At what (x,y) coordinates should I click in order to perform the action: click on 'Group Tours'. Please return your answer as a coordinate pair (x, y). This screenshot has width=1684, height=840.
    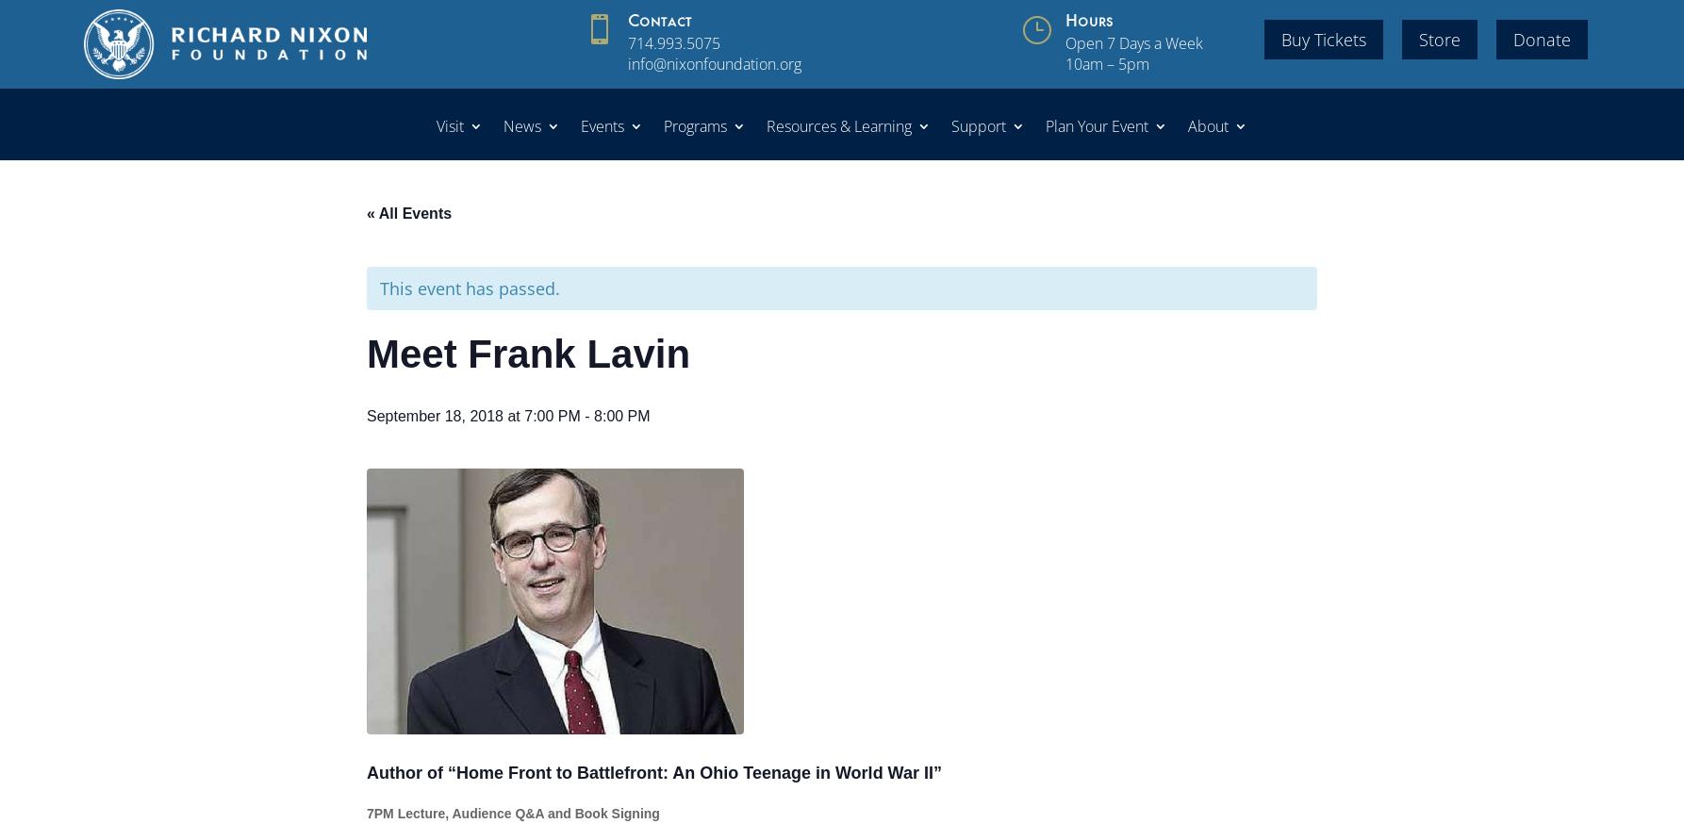
    Looking at the image, I should click on (504, 338).